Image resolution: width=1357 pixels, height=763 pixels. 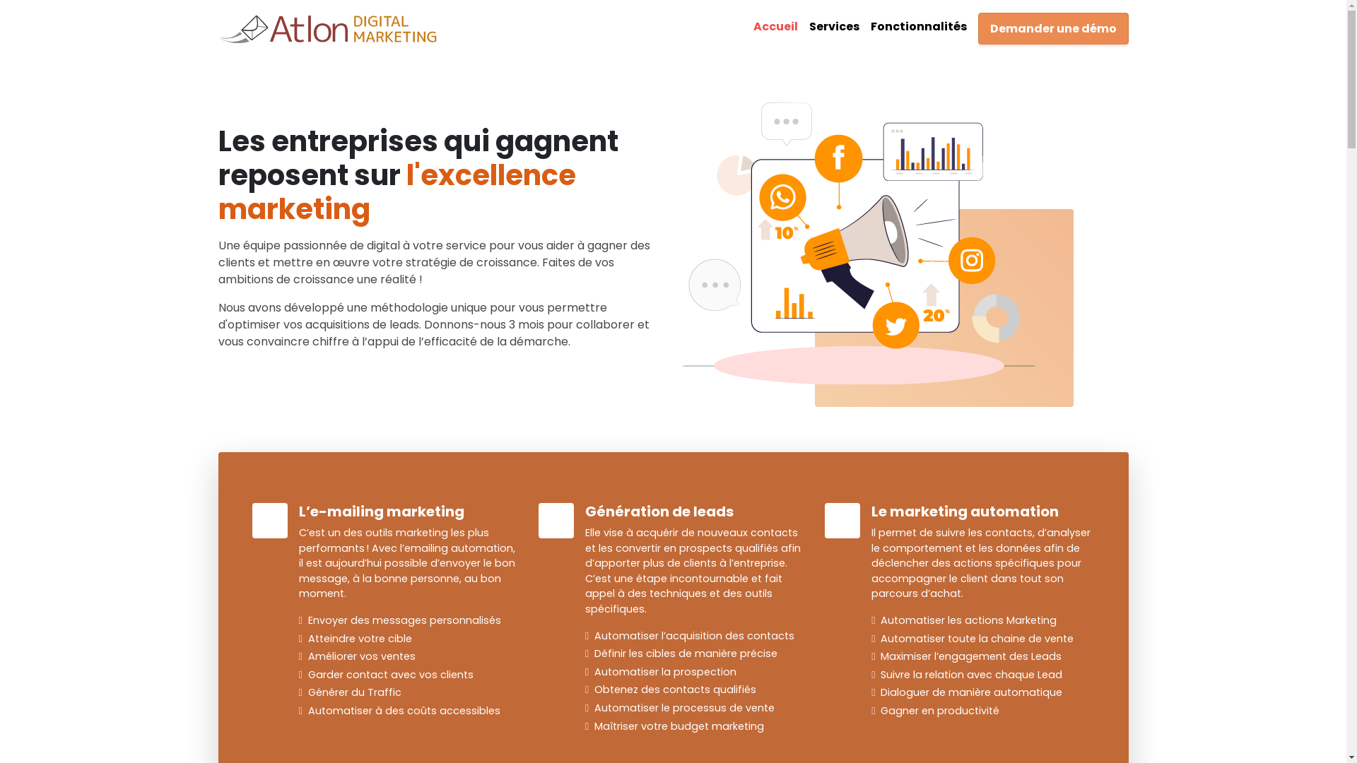 I want to click on 'Services', so click(x=833, y=27).